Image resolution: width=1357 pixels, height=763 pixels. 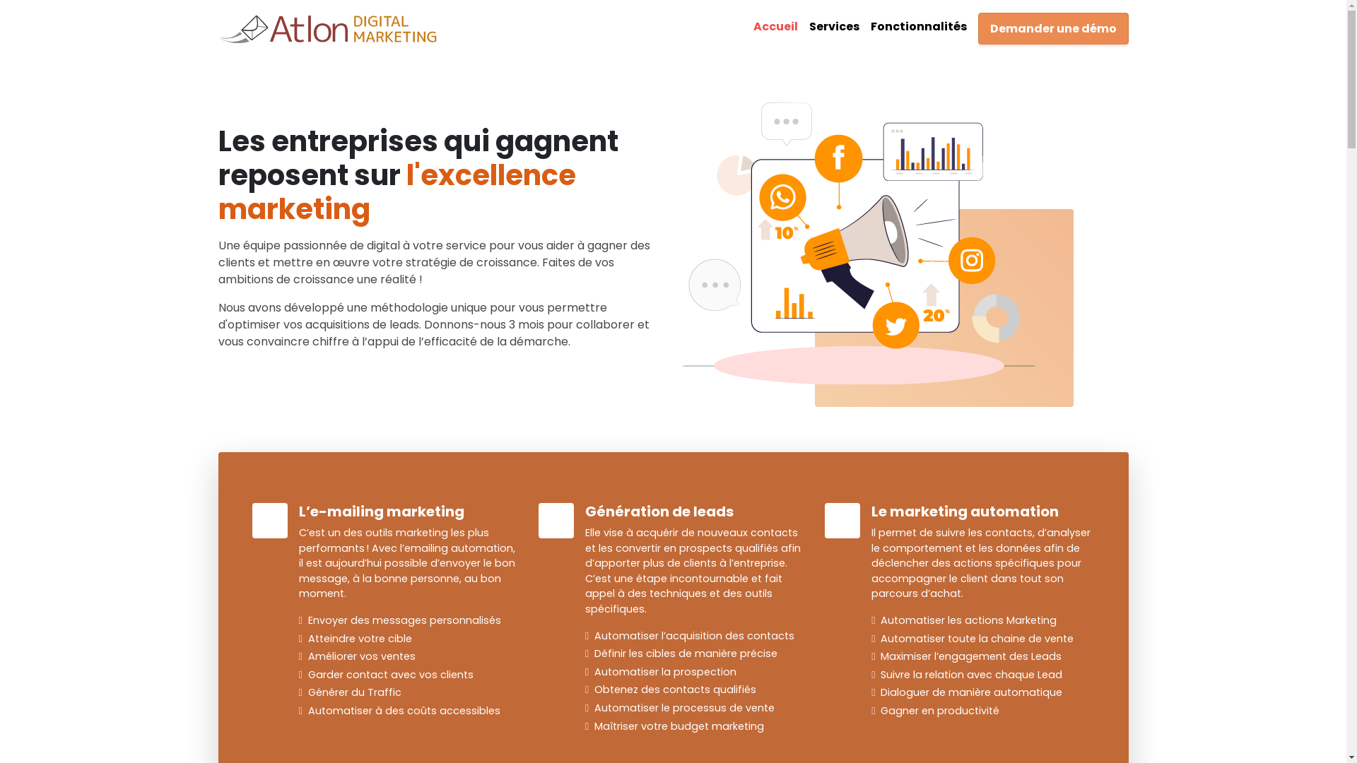 I want to click on 'Services', so click(x=833, y=27).